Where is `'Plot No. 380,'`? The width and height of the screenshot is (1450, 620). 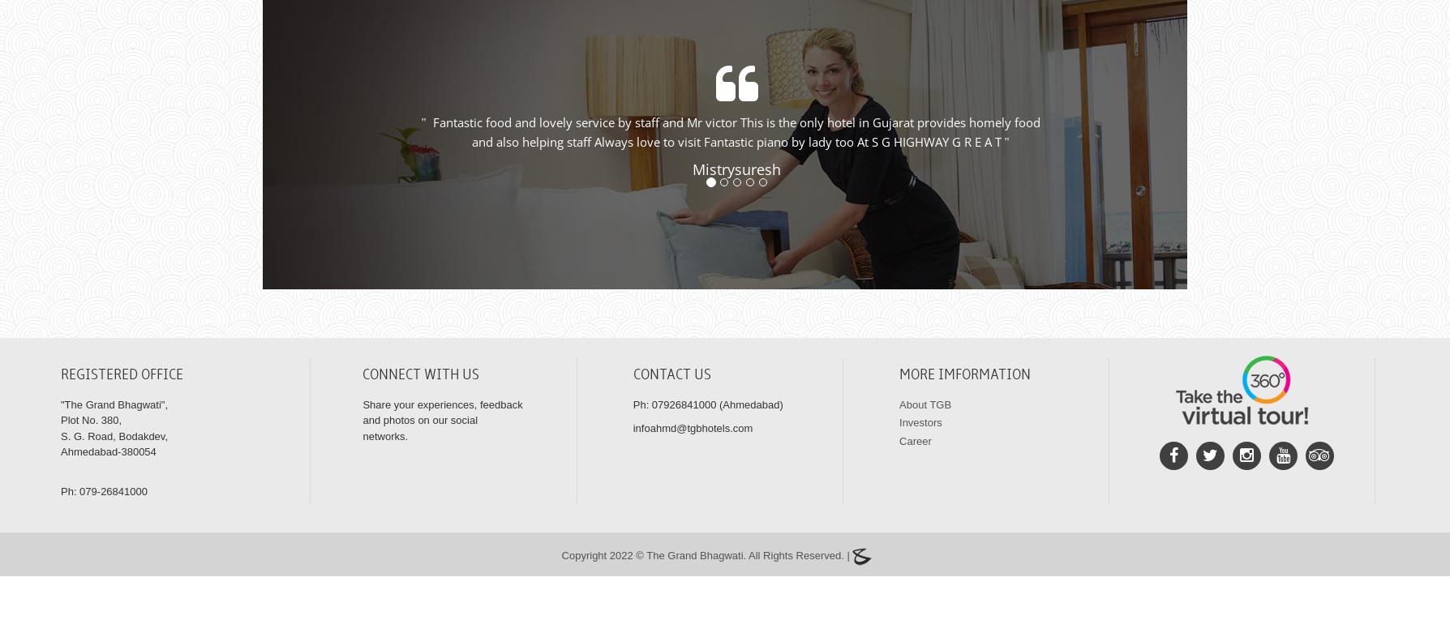 'Plot No. 380,' is located at coordinates (91, 438).